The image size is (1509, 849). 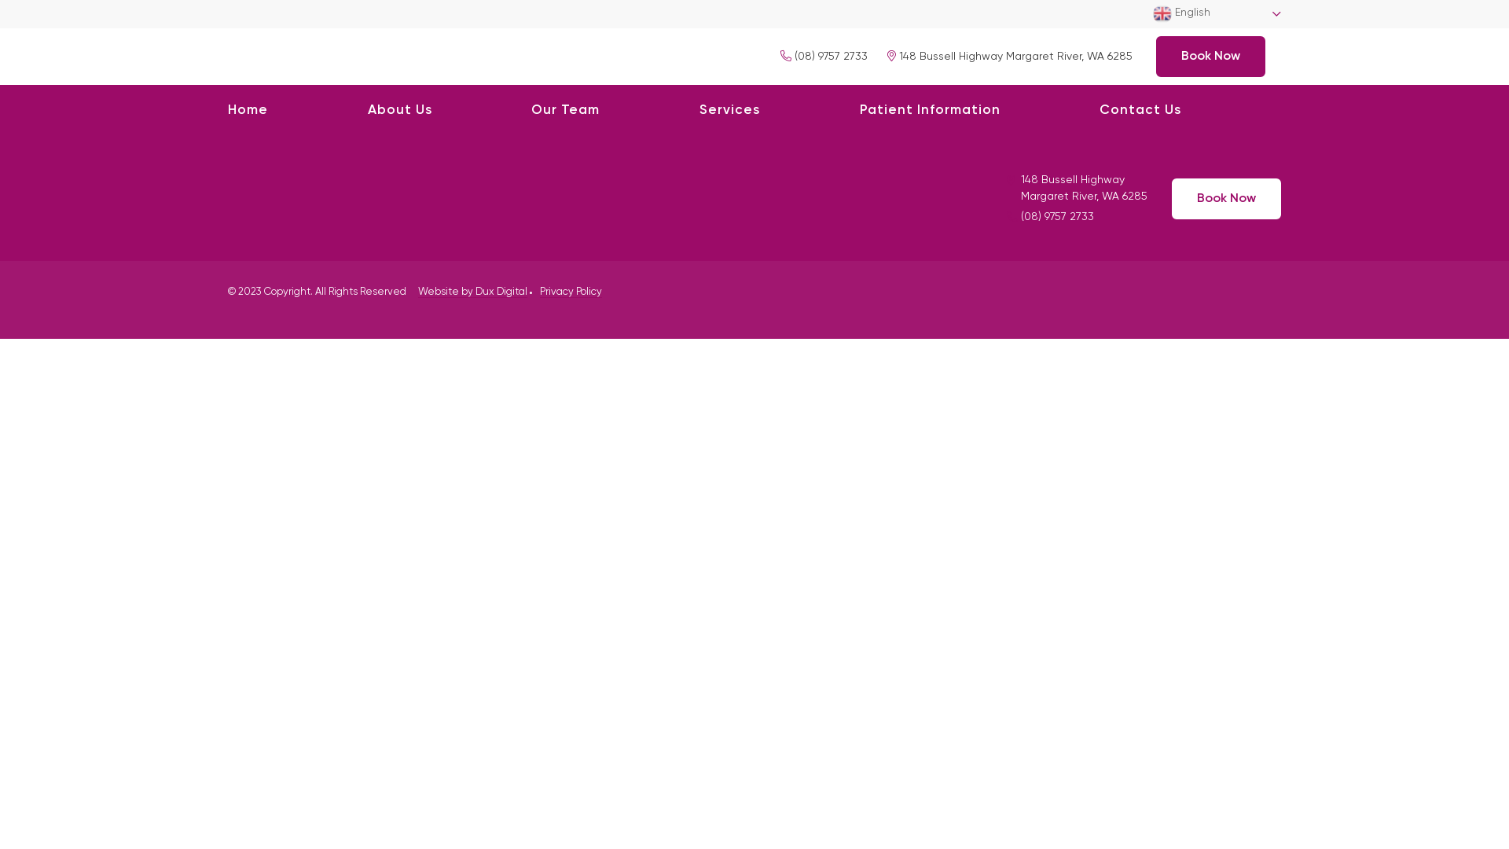 What do you see at coordinates (823, 54) in the screenshot?
I see `'(08) 9757 2733'` at bounding box center [823, 54].